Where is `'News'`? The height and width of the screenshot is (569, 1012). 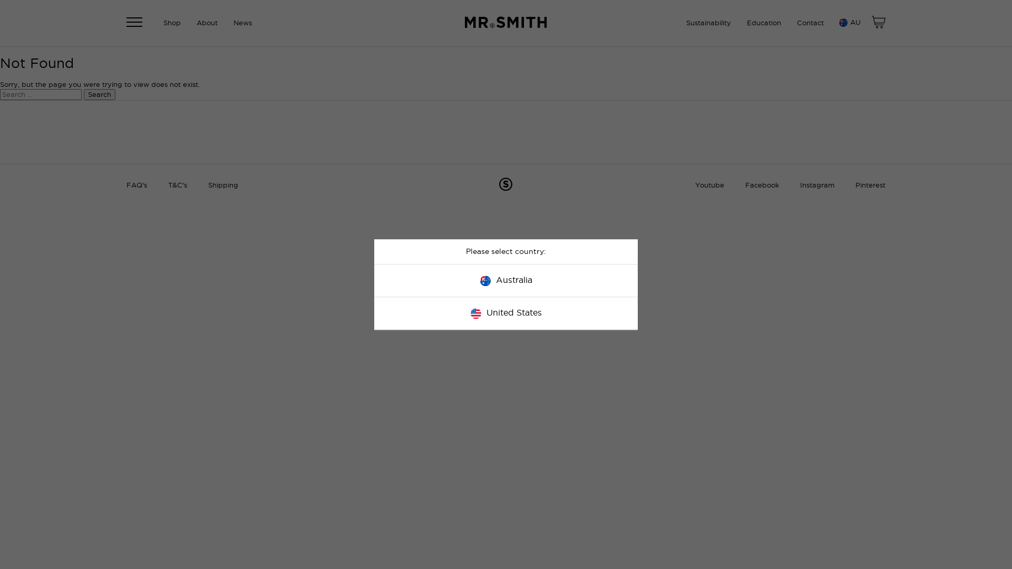
'News' is located at coordinates (242, 23).